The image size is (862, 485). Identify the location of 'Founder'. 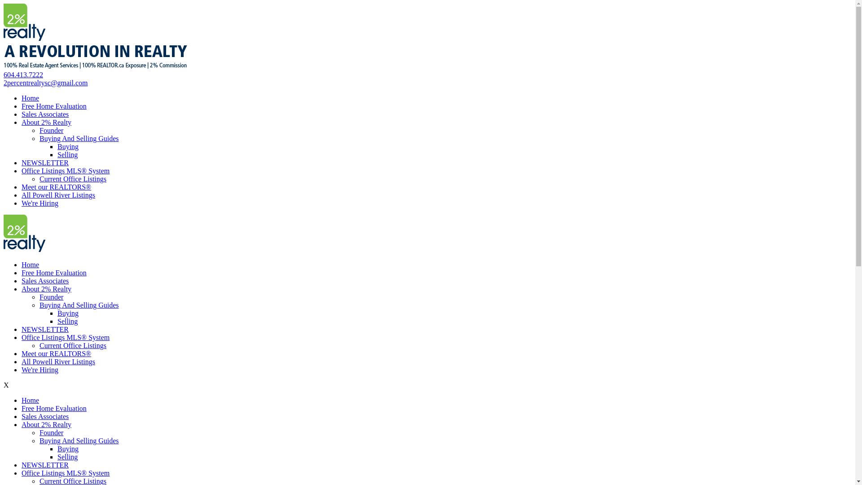
(39, 432).